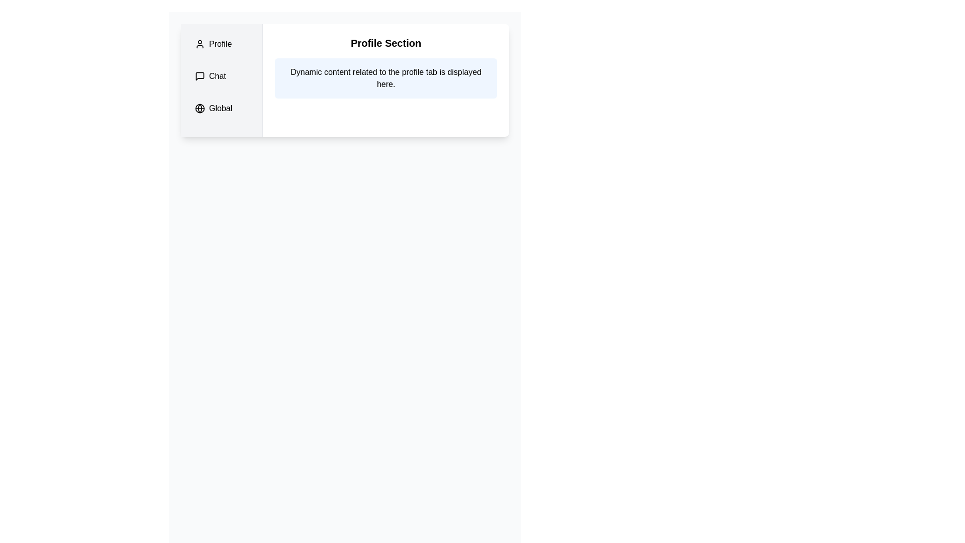 Image resolution: width=965 pixels, height=543 pixels. What do you see at coordinates (221, 79) in the screenshot?
I see `the 'Chat' list item with a speech bubble icon in the sidebar` at bounding box center [221, 79].